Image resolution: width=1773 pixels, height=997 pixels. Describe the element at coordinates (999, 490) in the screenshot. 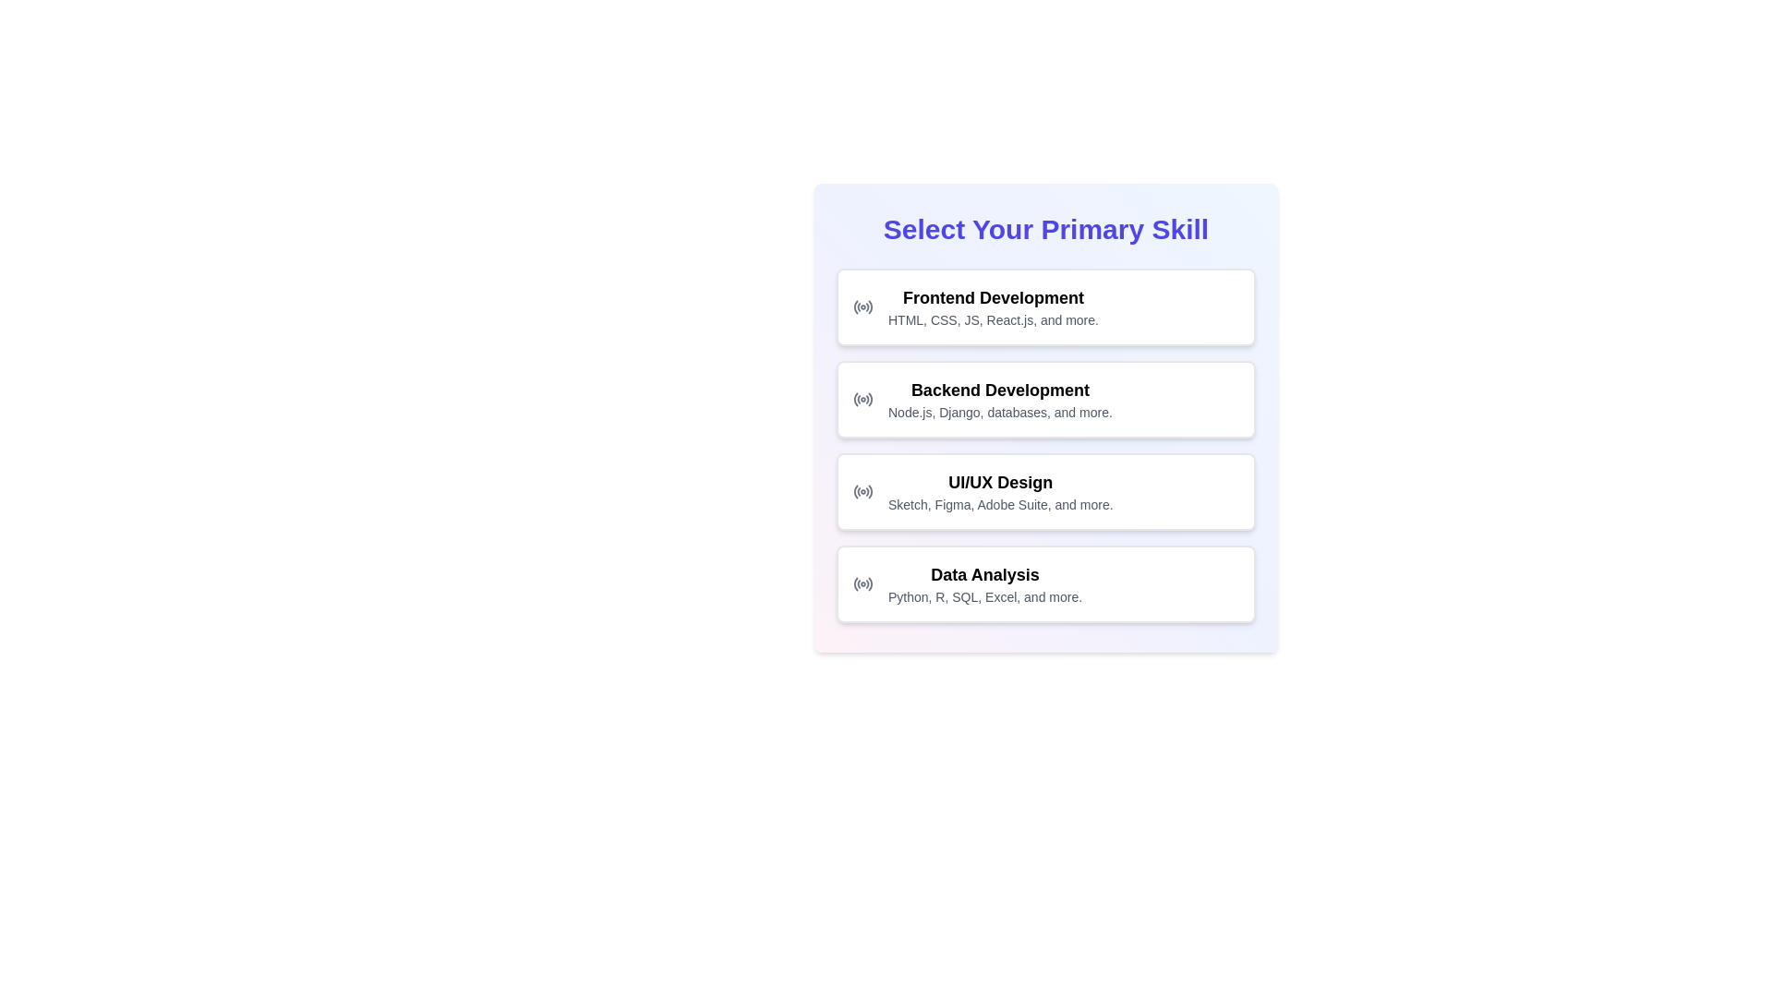

I see `the descriptive text block about UI/UX Design` at that location.